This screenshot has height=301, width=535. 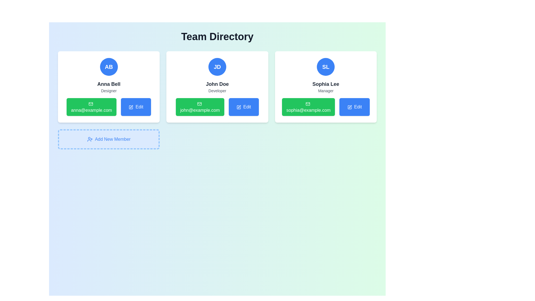 I want to click on the editing icon located on the right-hand side of the 'Edit' button within the card for 'Sophia Lee', so click(x=349, y=107).